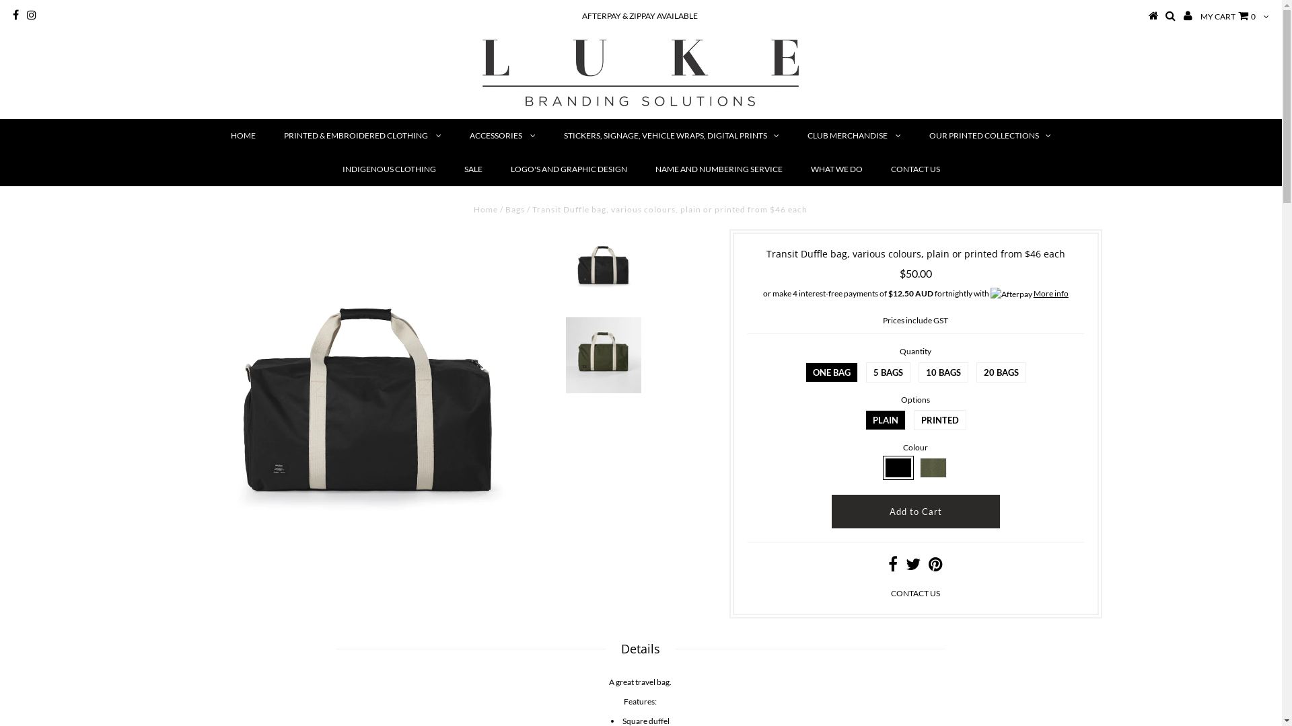 The width and height of the screenshot is (1292, 726). I want to click on 'More info', so click(1029, 293).